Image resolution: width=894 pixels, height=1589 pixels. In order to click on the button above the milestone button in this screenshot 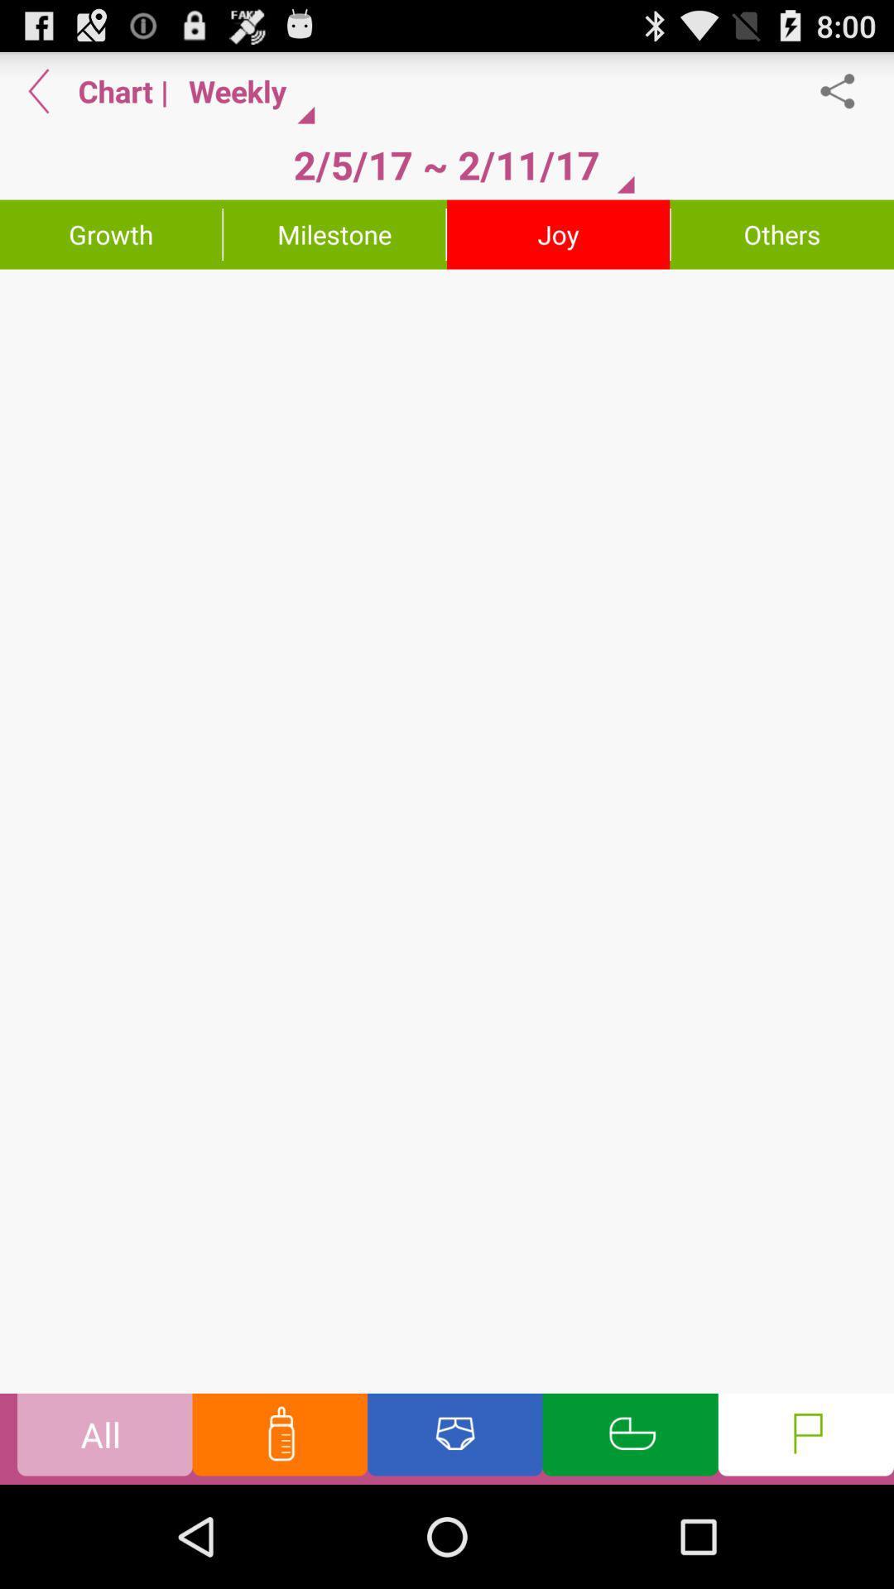, I will do `click(445, 165)`.